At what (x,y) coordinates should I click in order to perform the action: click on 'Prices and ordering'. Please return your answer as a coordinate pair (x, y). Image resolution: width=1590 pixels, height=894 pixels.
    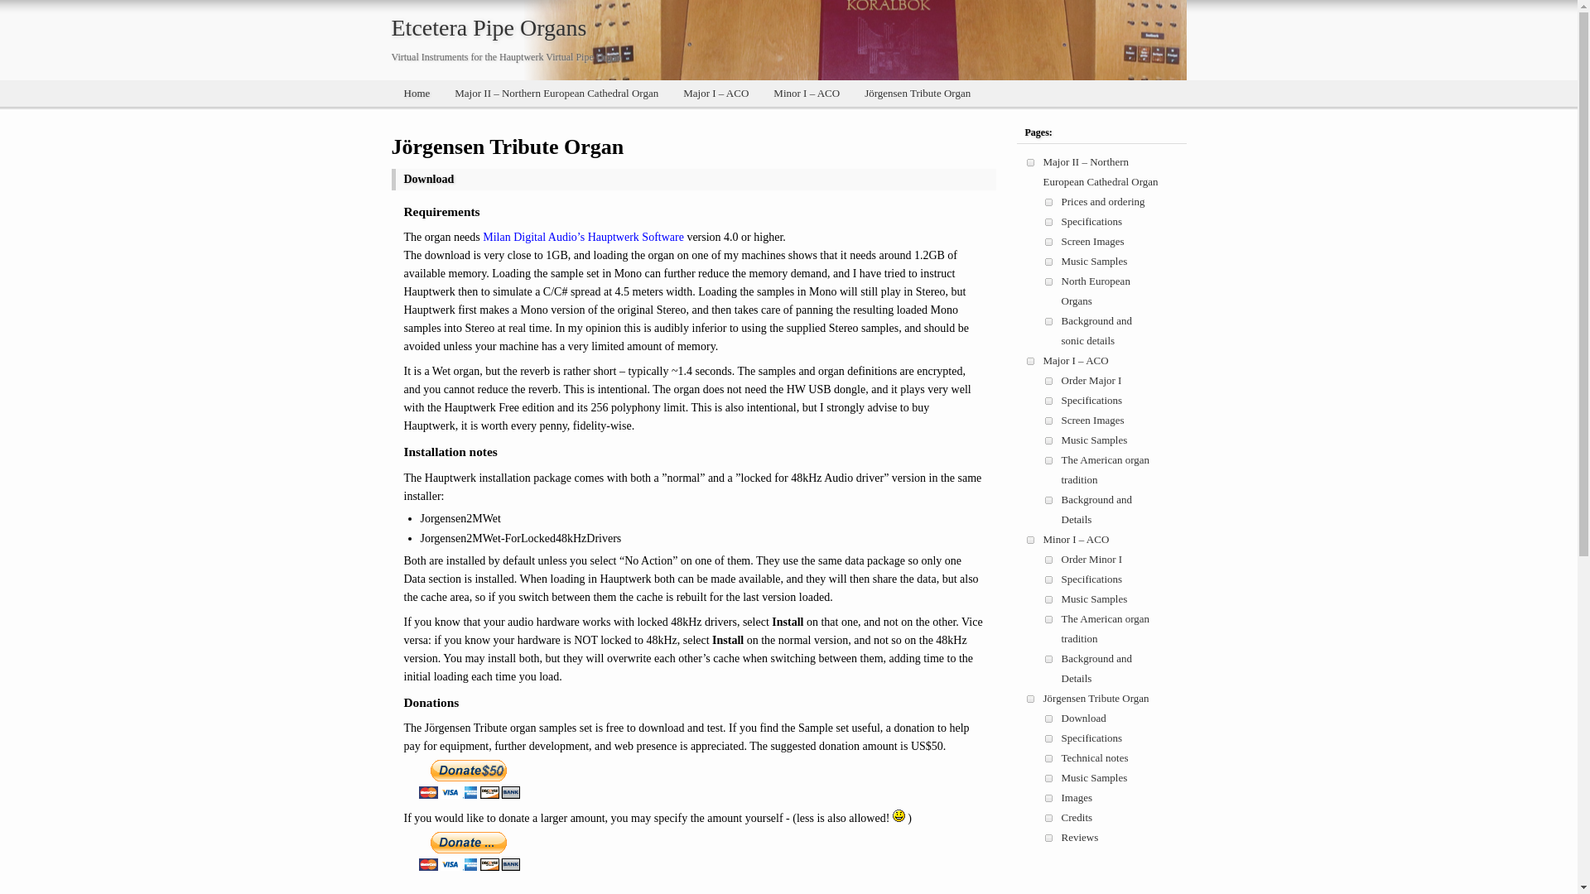
    Looking at the image, I should click on (1103, 200).